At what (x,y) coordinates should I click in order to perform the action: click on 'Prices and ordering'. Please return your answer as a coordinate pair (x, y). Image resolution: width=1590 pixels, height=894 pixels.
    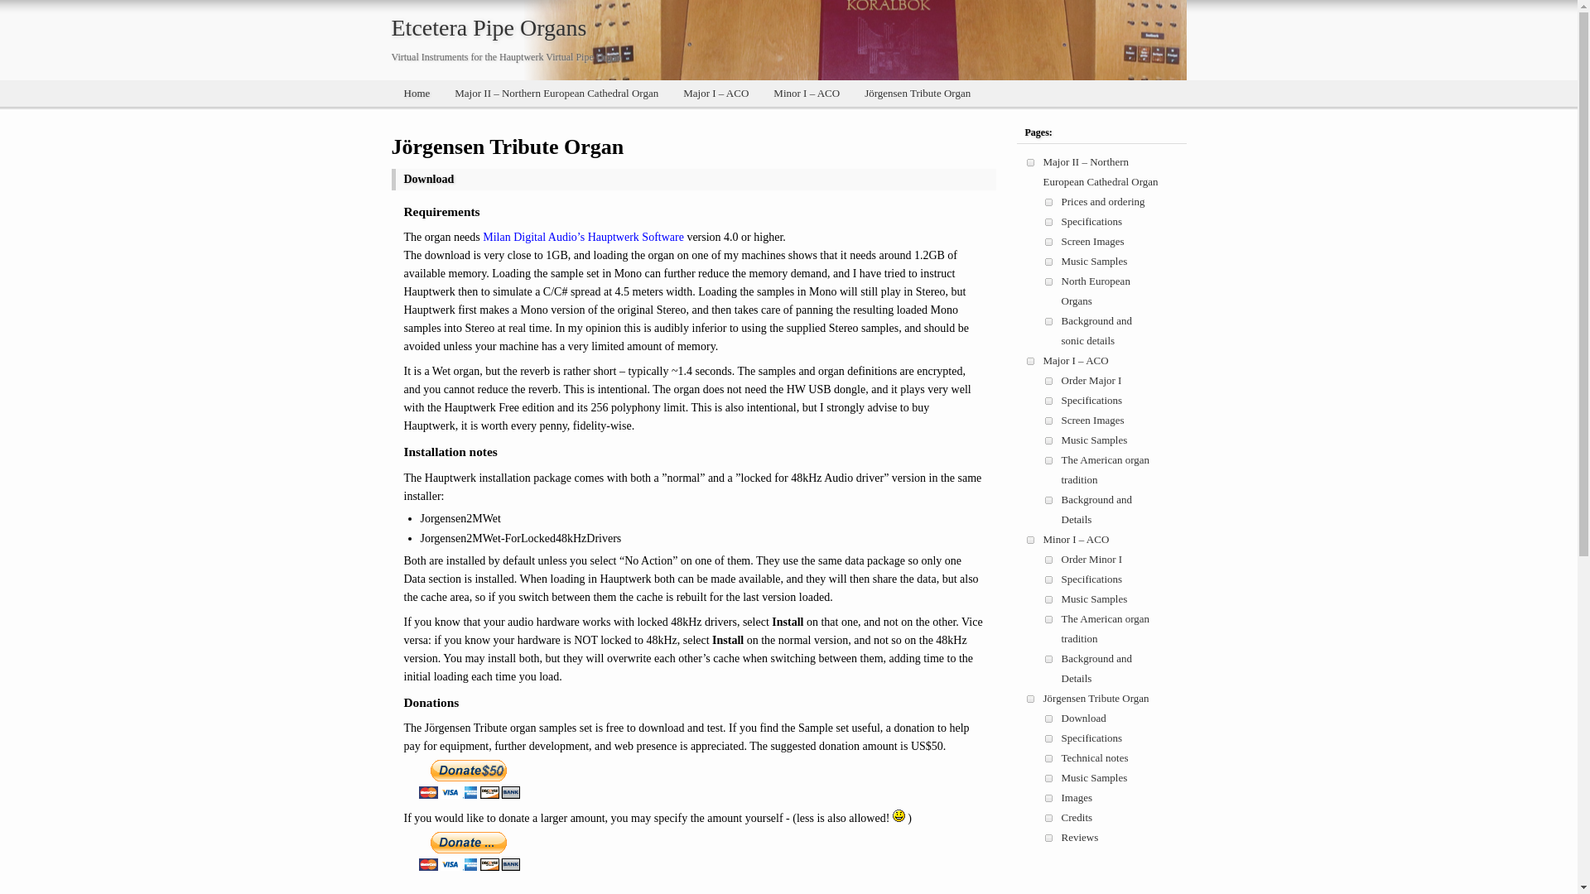
    Looking at the image, I should click on (1103, 200).